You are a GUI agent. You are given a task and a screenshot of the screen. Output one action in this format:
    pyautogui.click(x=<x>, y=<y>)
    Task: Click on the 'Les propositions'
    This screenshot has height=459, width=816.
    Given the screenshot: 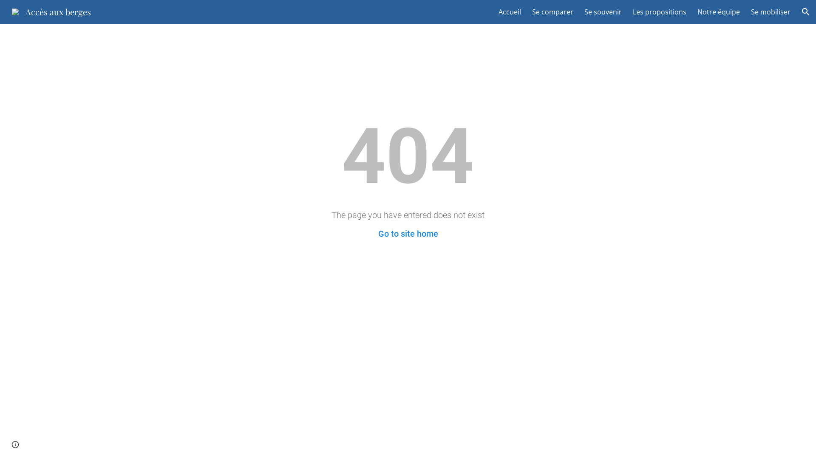 What is the action you would take?
    pyautogui.click(x=659, y=11)
    